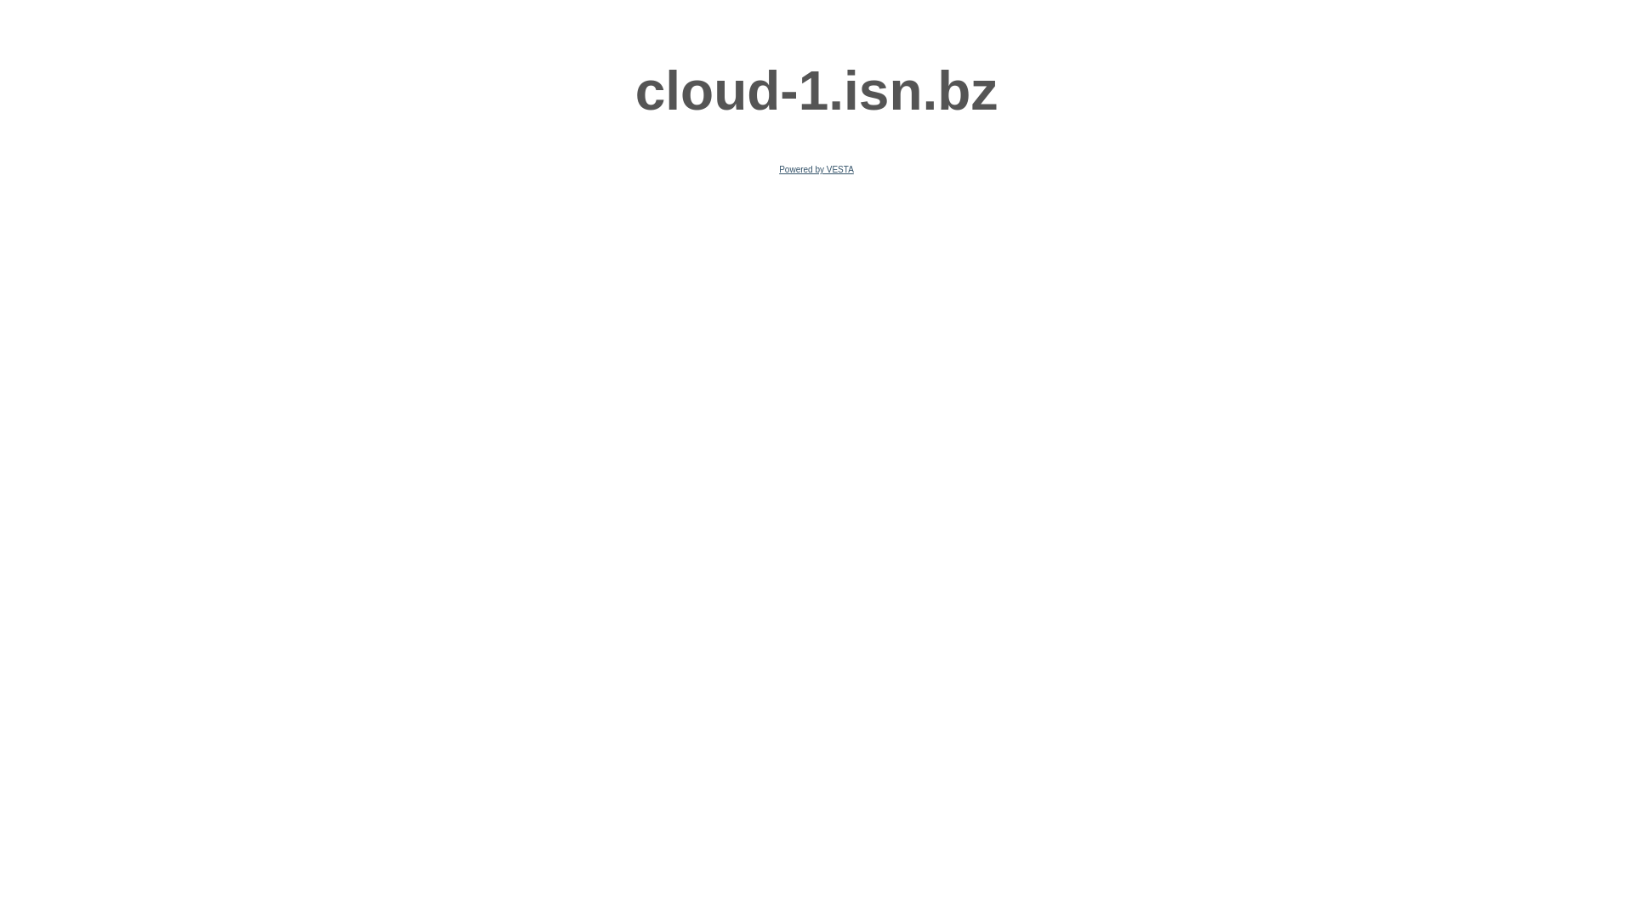 The image size is (1633, 918). What do you see at coordinates (778, 169) in the screenshot?
I see `'Powered by VESTA'` at bounding box center [778, 169].